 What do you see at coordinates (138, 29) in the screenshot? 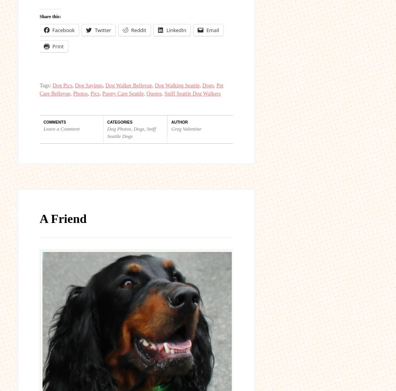
I see `'Reddit'` at bounding box center [138, 29].